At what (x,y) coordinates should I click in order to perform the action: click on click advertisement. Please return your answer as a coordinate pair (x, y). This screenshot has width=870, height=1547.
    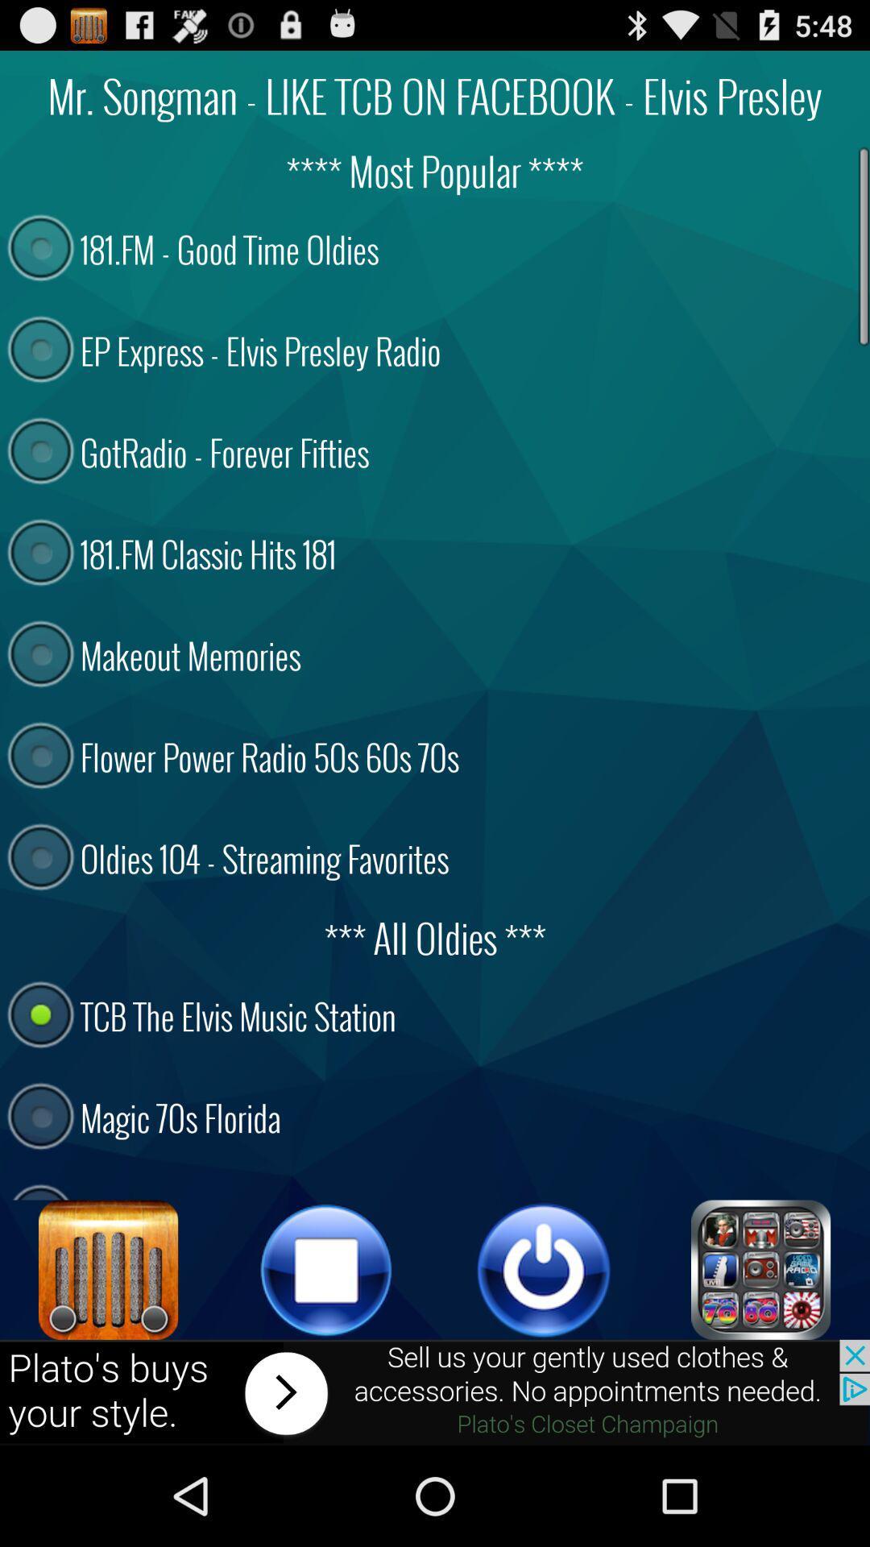
    Looking at the image, I should click on (435, 1391).